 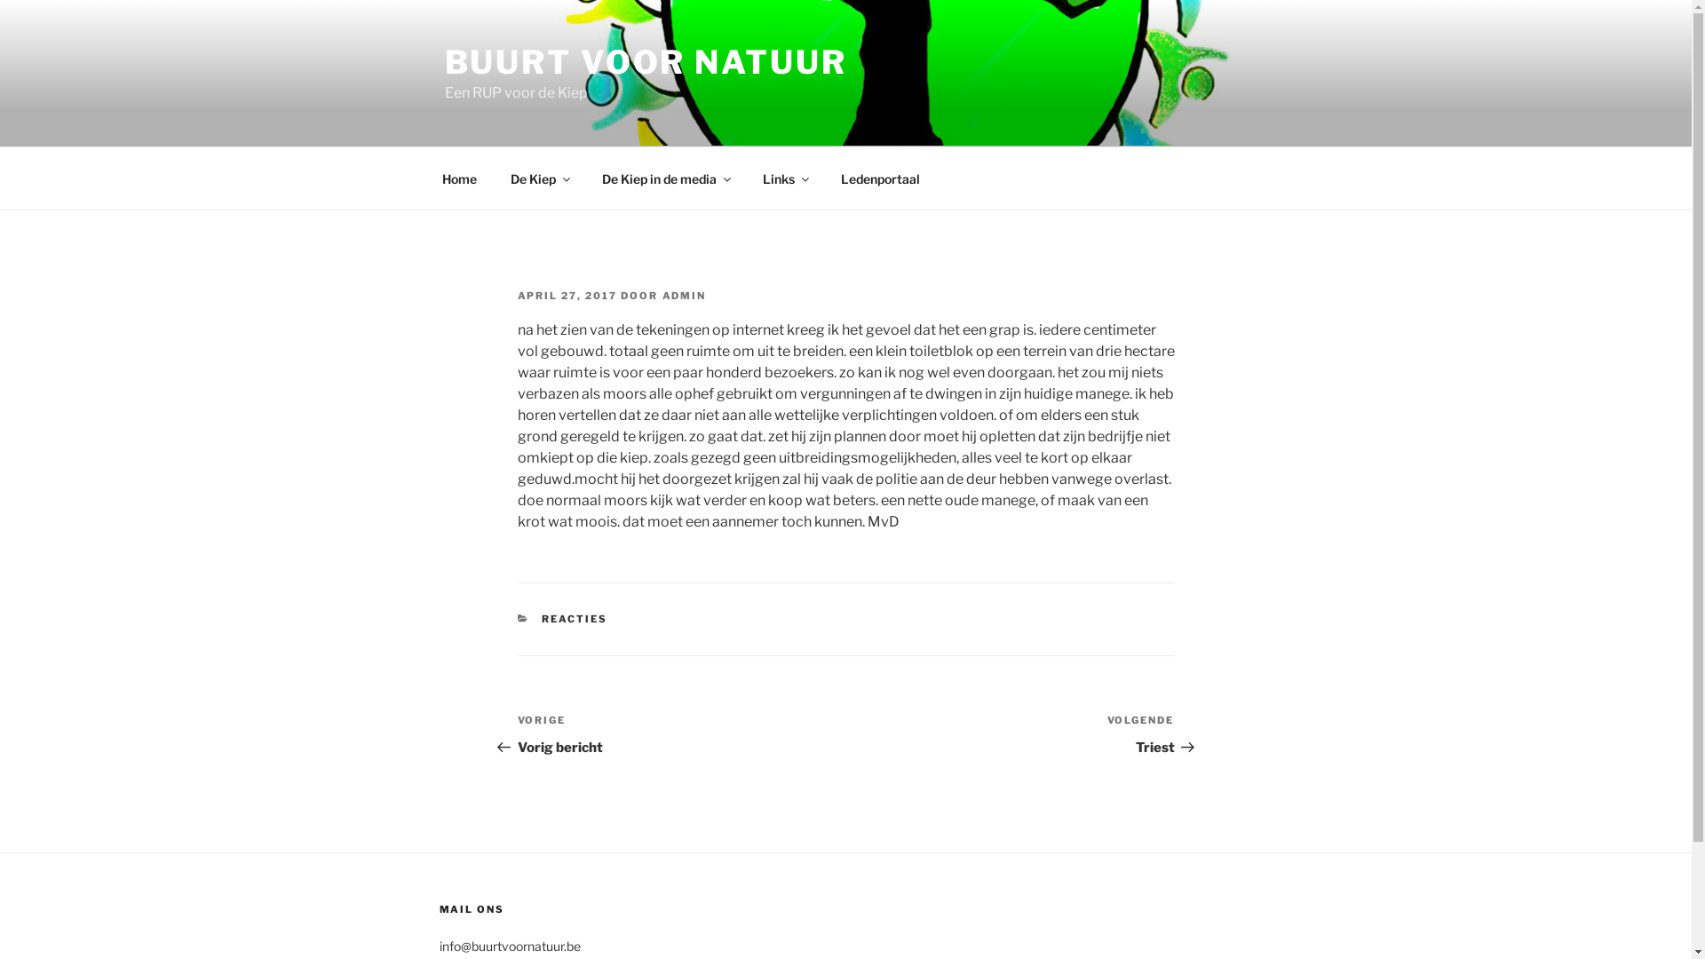 What do you see at coordinates (575, 618) in the screenshot?
I see `'REACTIES'` at bounding box center [575, 618].